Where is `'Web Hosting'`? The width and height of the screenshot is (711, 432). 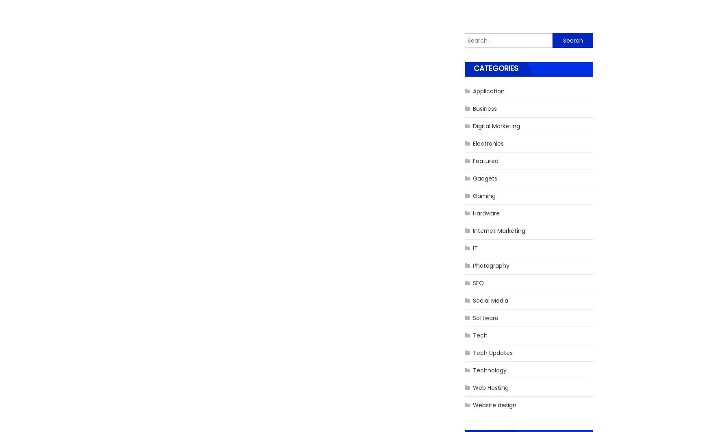
'Web Hosting' is located at coordinates (491, 387).